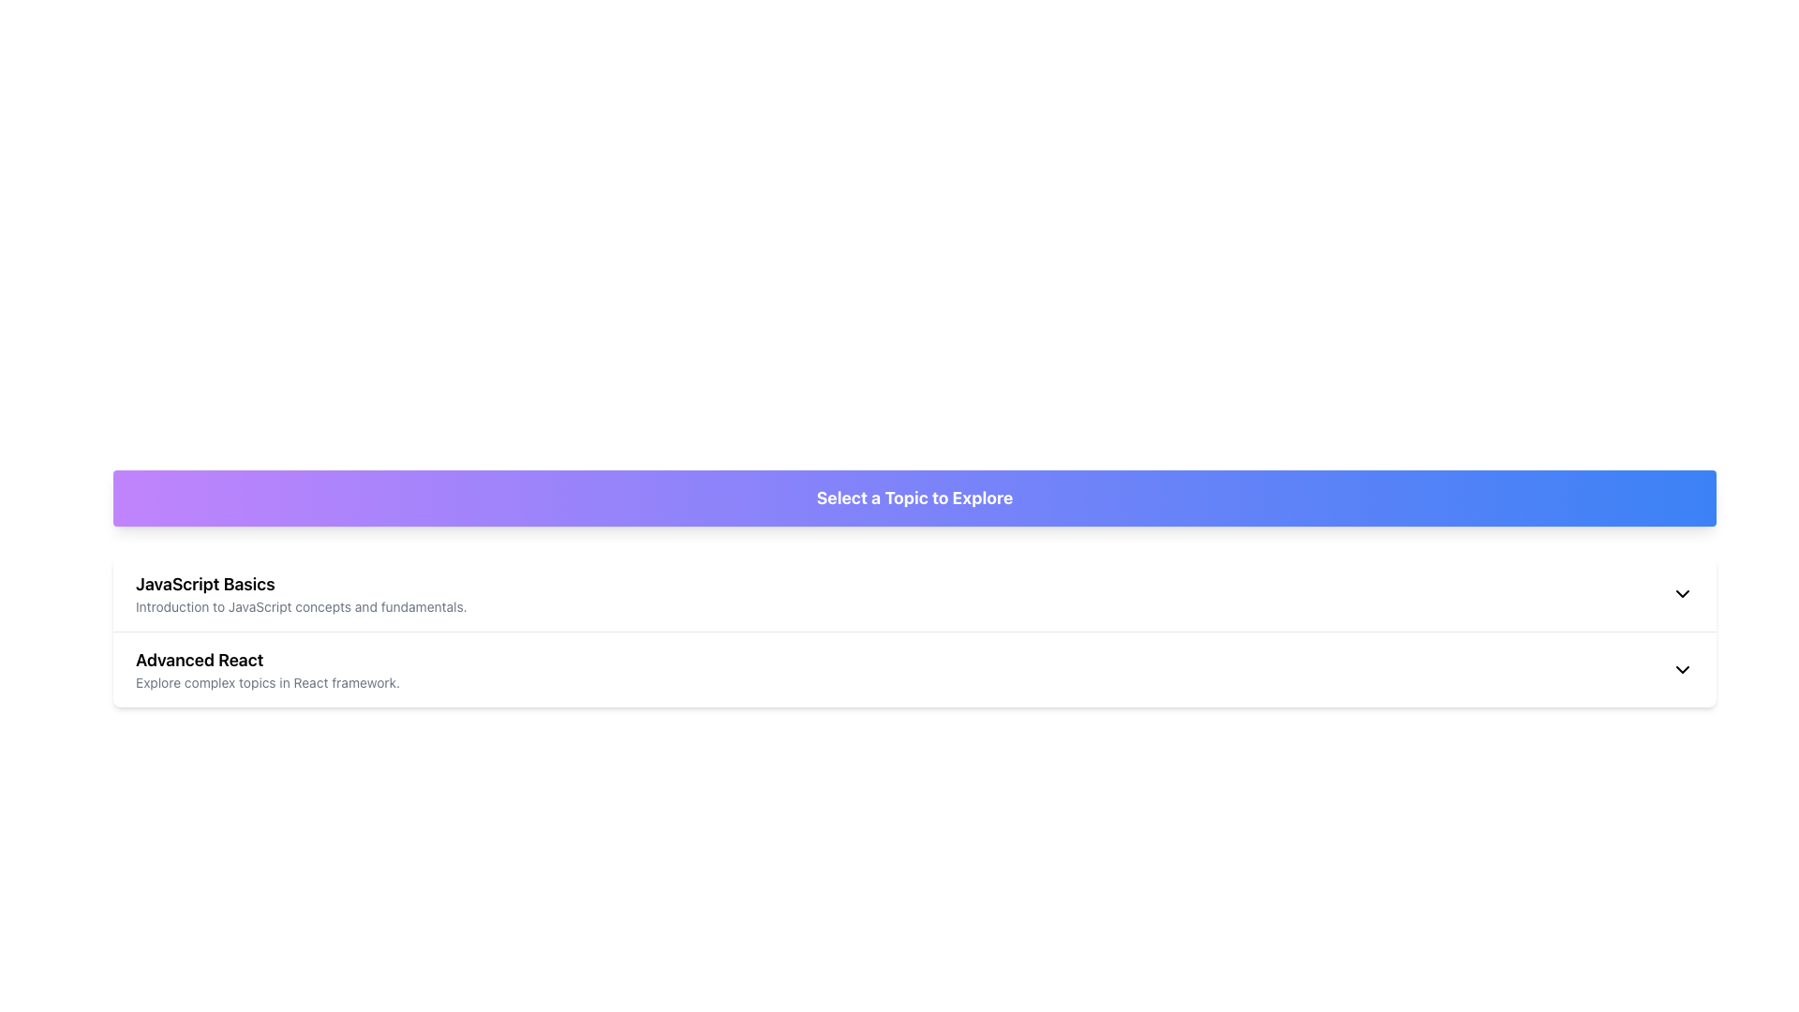  Describe the element at coordinates (301, 607) in the screenshot. I see `the text block displaying 'Introduction to JavaScript concepts and fundamentals.' which is located directly beneath the 'JavaScript Basics' header` at that location.